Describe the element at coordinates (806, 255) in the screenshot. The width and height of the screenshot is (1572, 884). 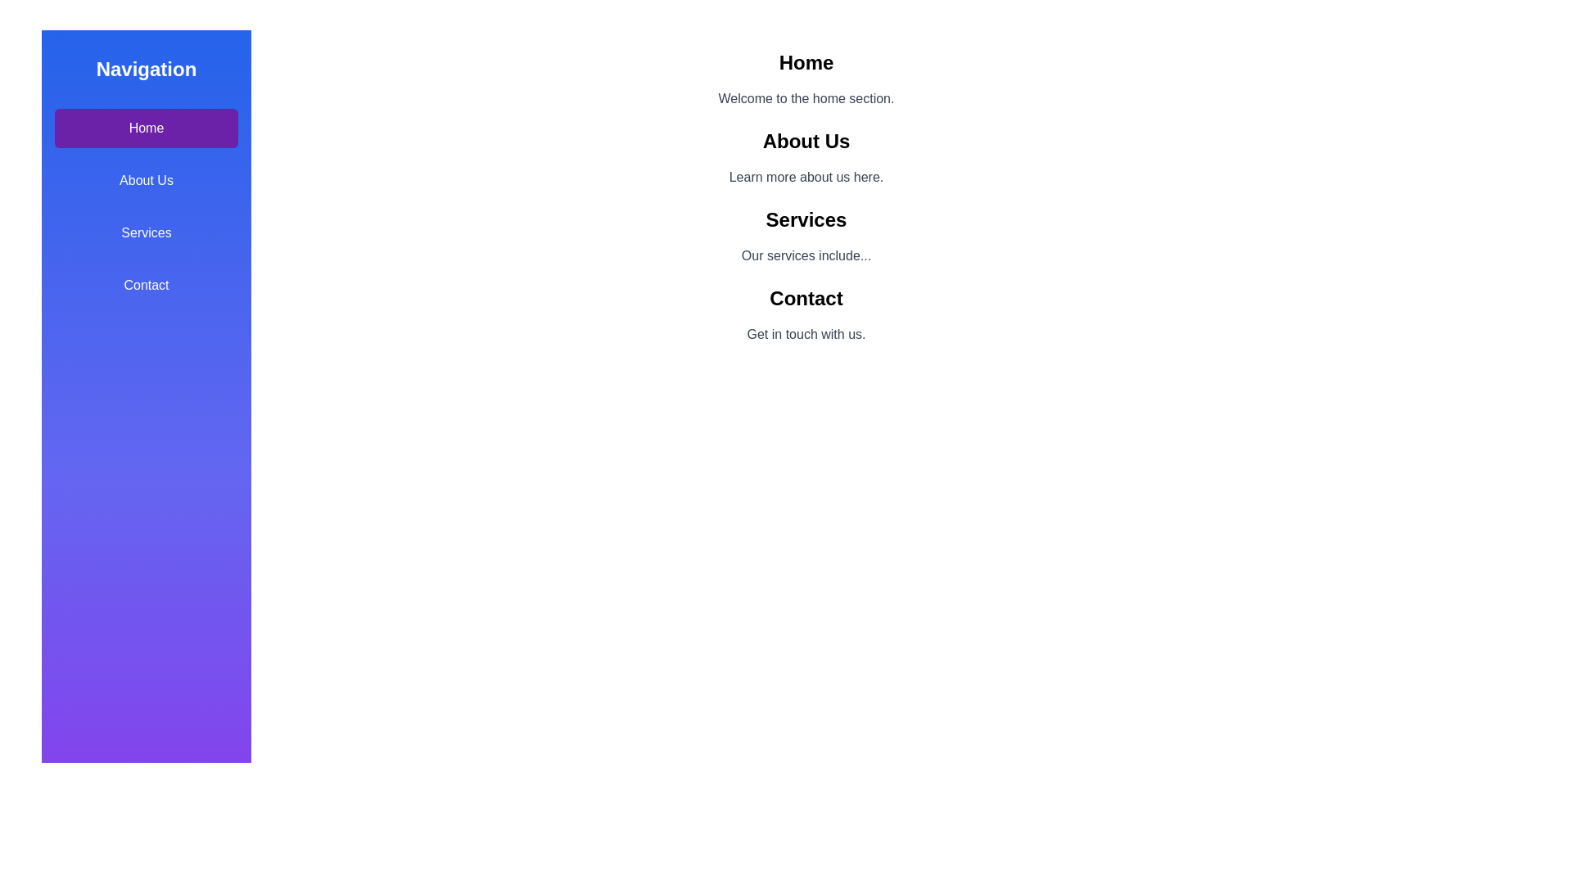
I see `the static text element displaying 'Our services include...' located directly below the 'Services' header` at that location.